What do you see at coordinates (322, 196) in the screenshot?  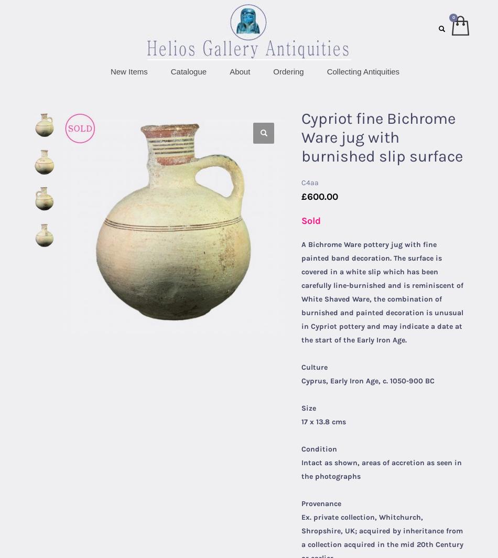 I see `'600.00'` at bounding box center [322, 196].